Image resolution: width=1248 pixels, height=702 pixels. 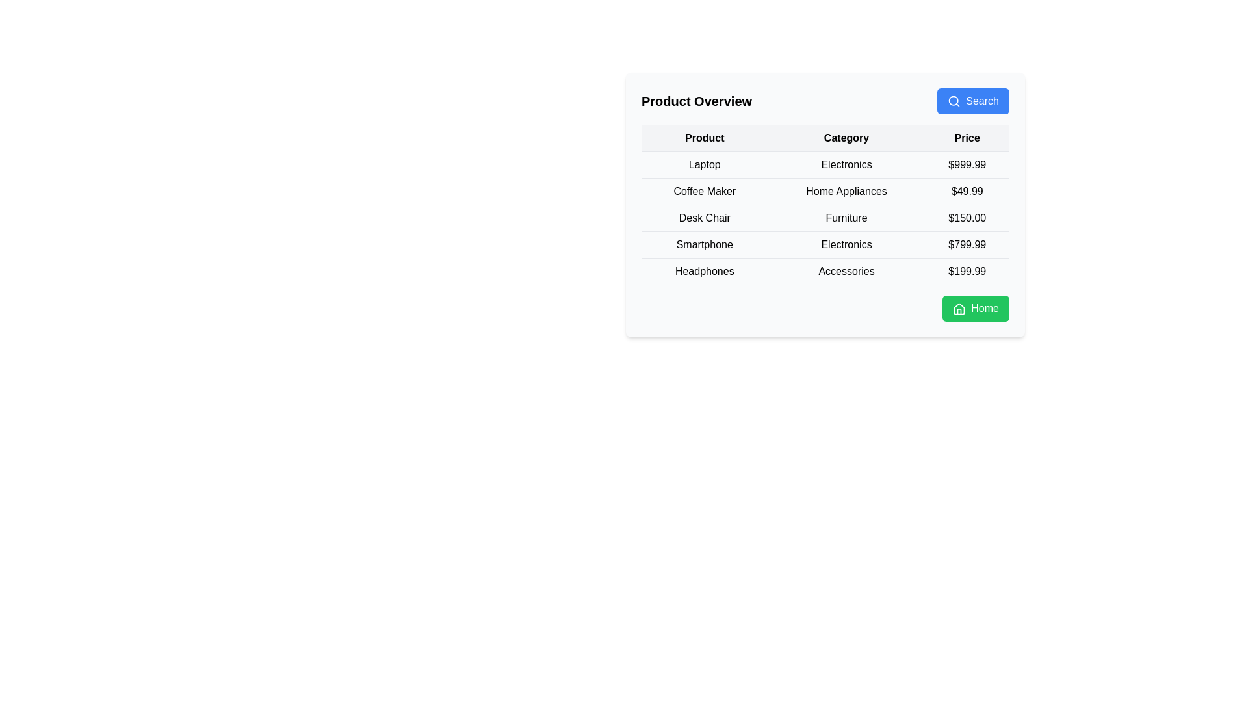 I want to click on the text within the last table row displaying 'Headphones', 'Accessories', and '$199.99', so click(x=825, y=270).